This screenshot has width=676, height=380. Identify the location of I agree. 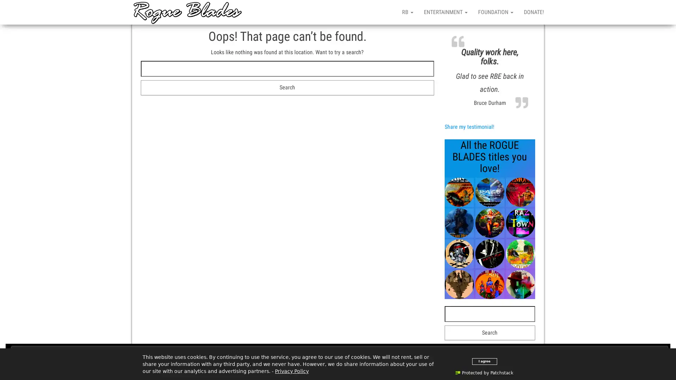
(484, 361).